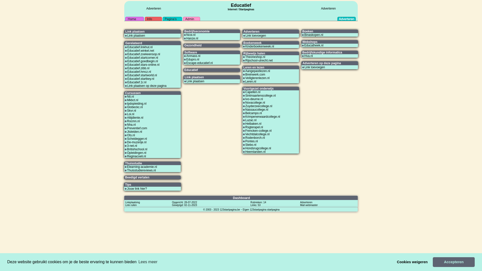 The image size is (482, 271). Describe the element at coordinates (140, 47) in the screenshot. I see `'Educatief.linkhut.nl'` at that location.